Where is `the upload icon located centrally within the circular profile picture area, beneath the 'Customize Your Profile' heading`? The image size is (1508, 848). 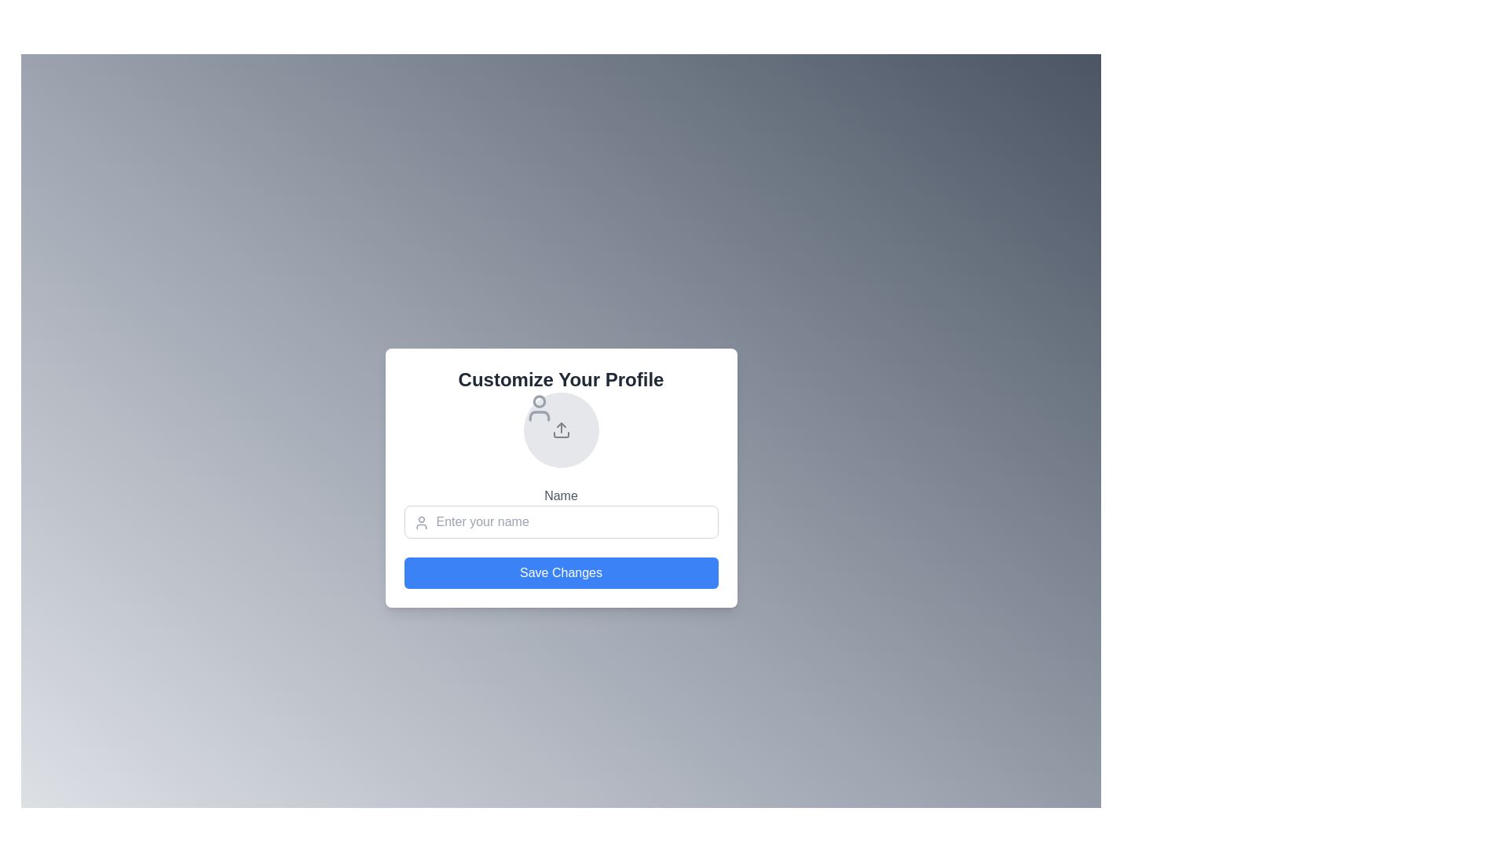
the upload icon located centrally within the circular profile picture area, beneath the 'Customize Your Profile' heading is located at coordinates (561, 429).